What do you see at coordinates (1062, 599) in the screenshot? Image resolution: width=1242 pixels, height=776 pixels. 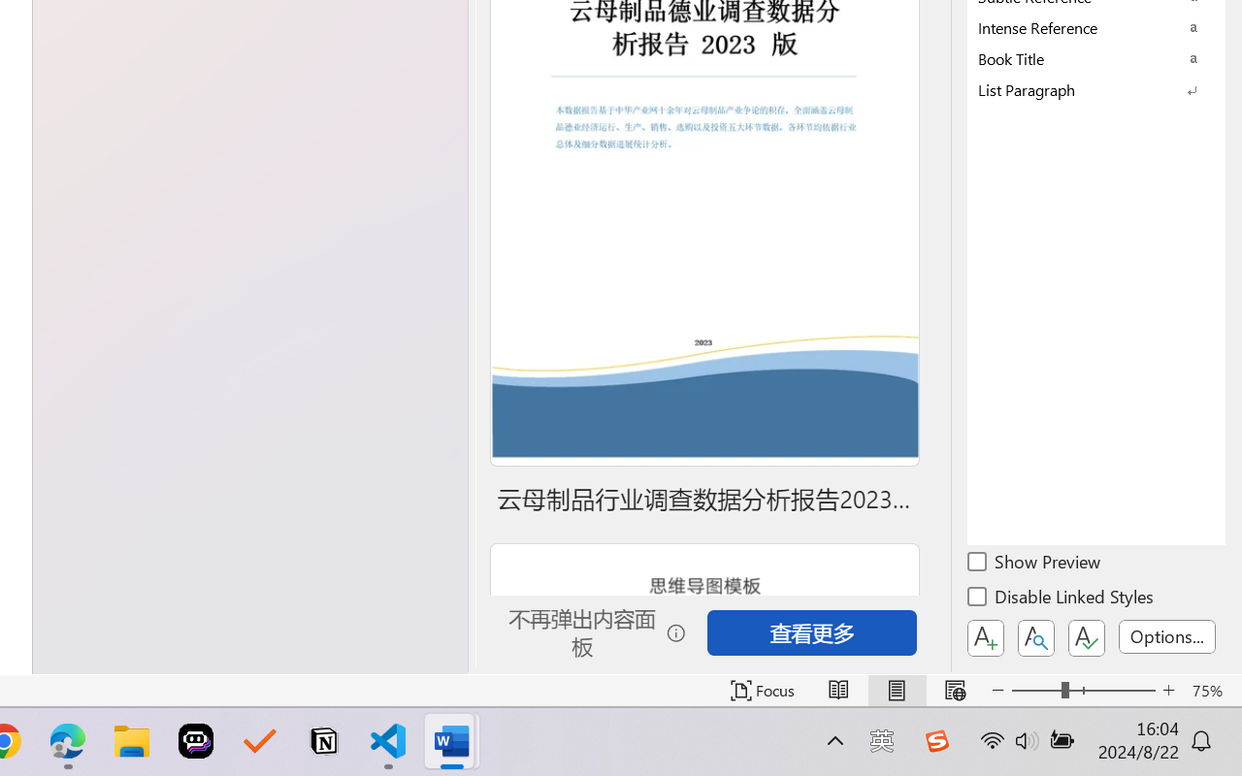 I see `'Disable Linked Styles'` at bounding box center [1062, 599].